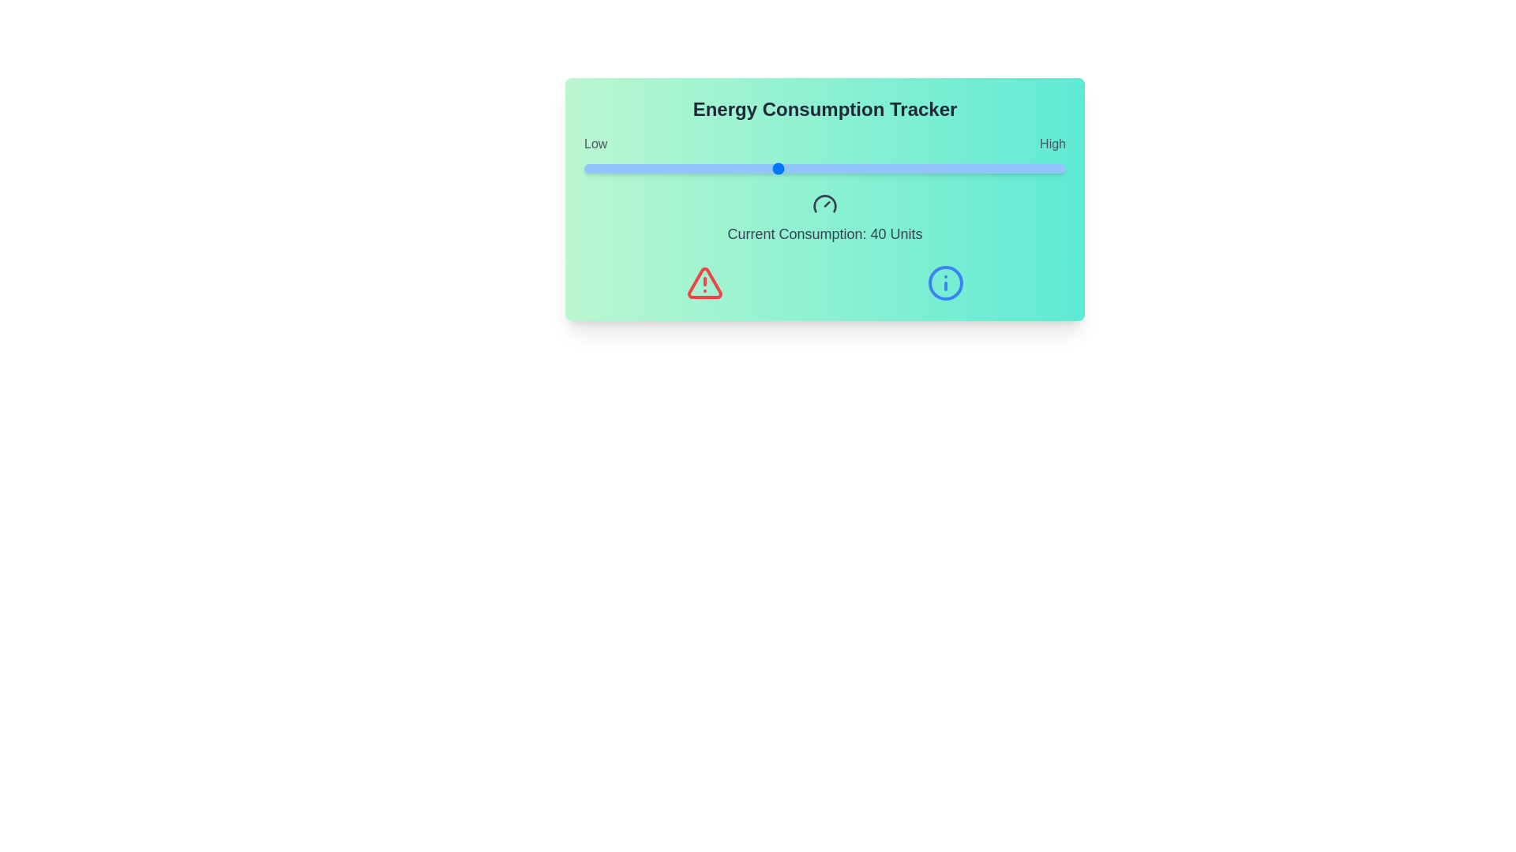  Describe the element at coordinates (776, 168) in the screenshot. I see `the energy consumption slider to 40 units` at that location.